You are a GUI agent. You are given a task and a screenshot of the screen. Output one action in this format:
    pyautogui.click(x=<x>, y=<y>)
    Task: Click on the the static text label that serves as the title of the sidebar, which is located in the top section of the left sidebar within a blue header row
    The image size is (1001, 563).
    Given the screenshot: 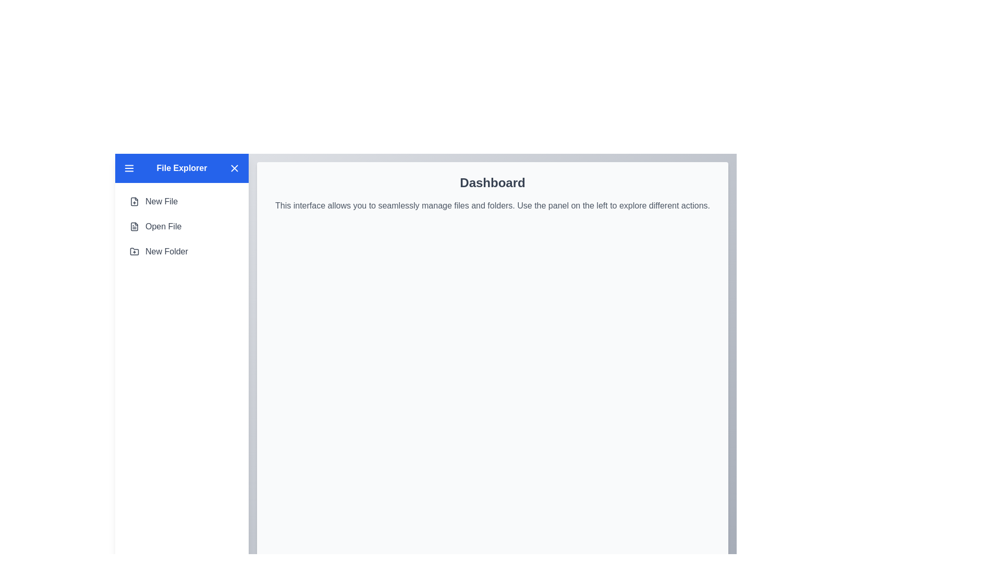 What is the action you would take?
    pyautogui.click(x=182, y=168)
    